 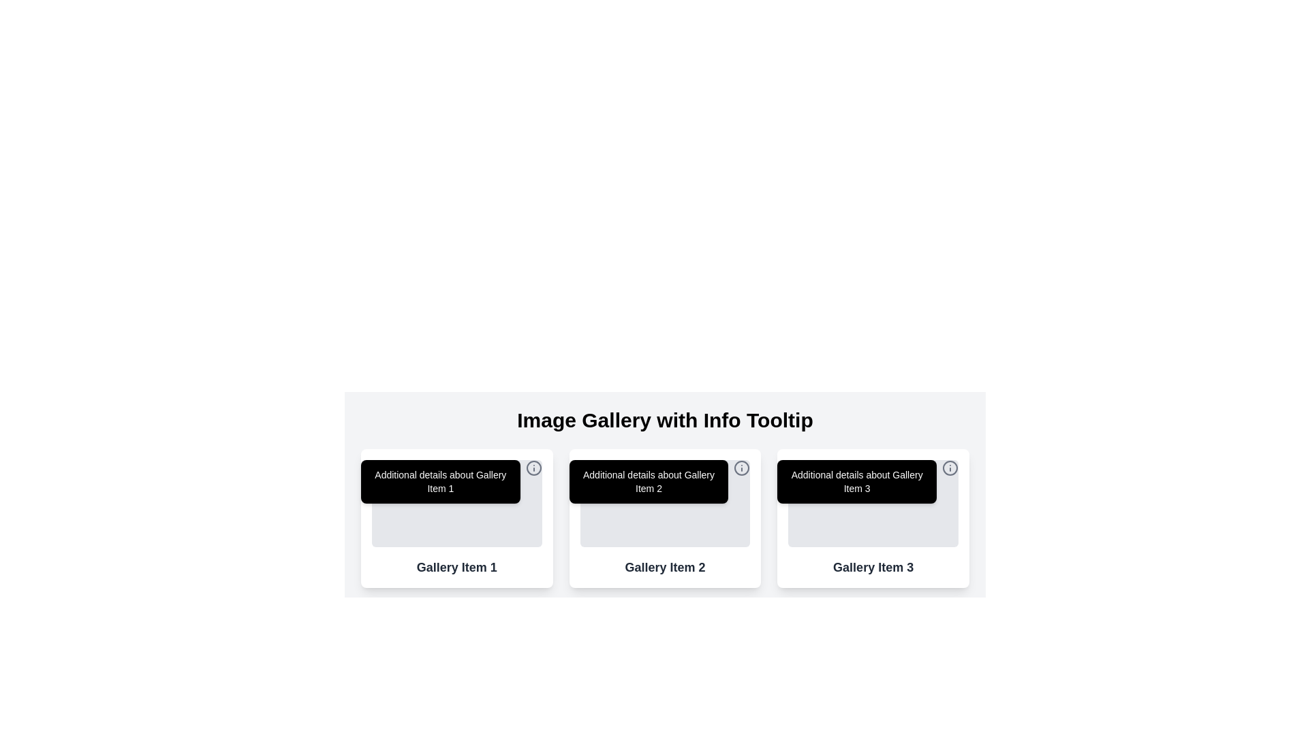 I want to click on the circular icon button with an 'i' symbol in the top-right corner of the card representing 'Gallery Item 2', so click(x=741, y=467).